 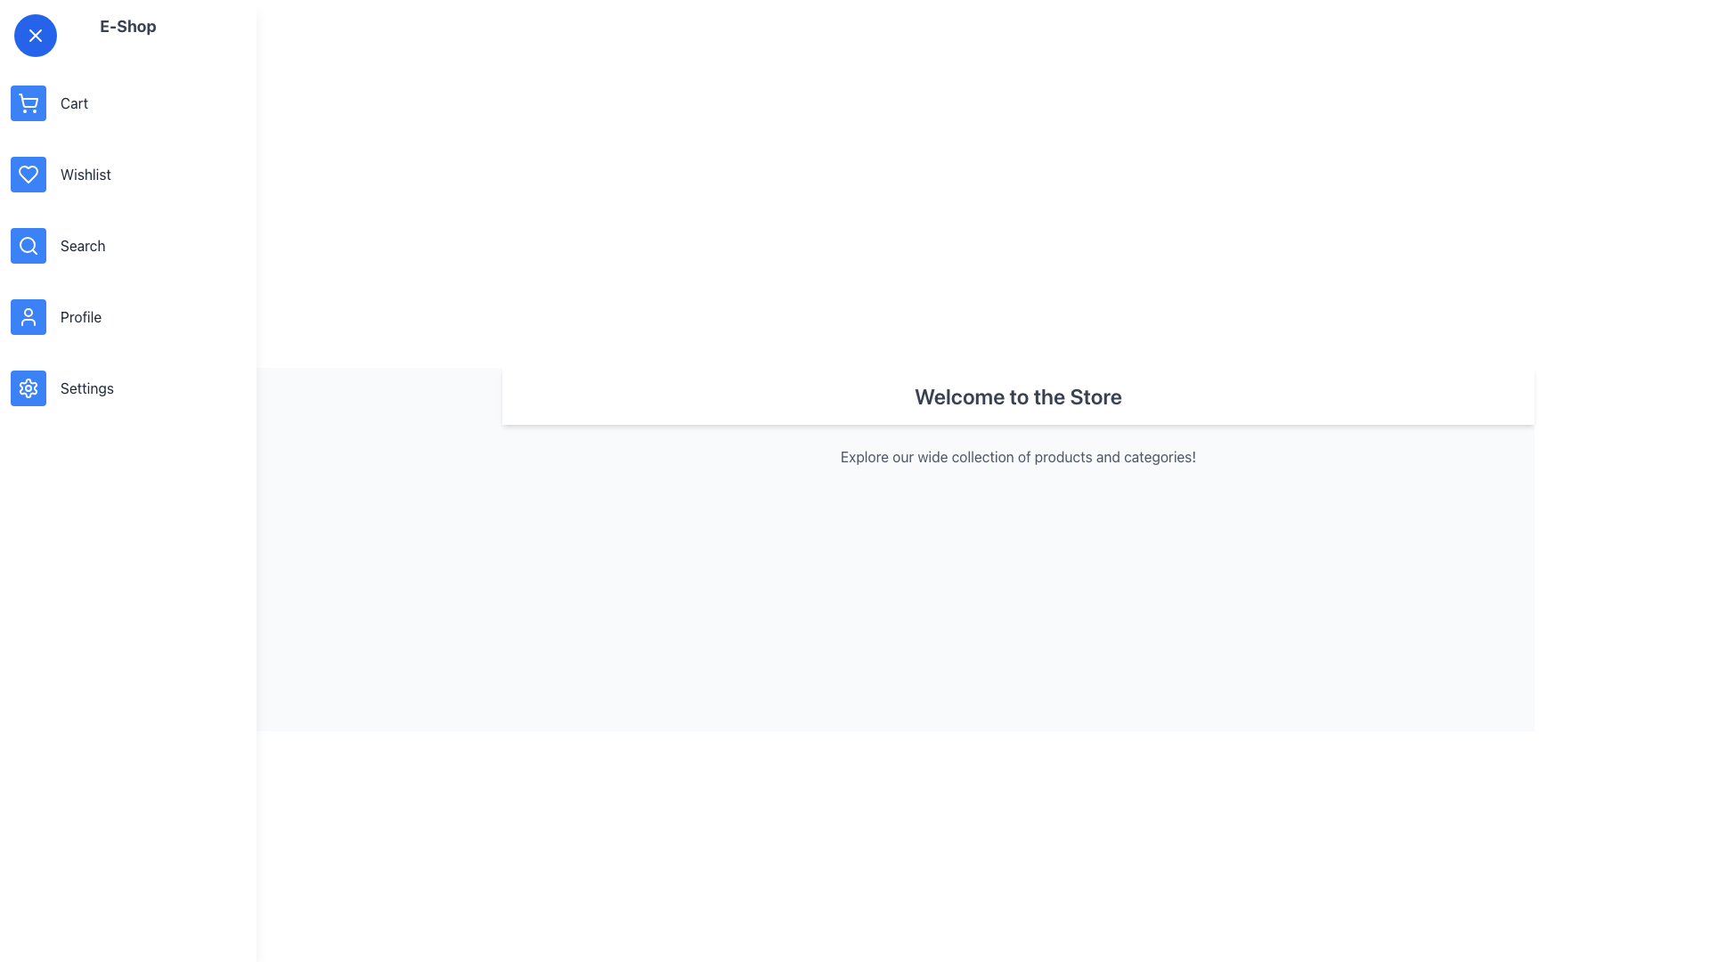 What do you see at coordinates (28, 175) in the screenshot?
I see `the blue heart icon representing the wishlist functionality located in the left-hand side navigation menu, next to the 'Wishlist' label` at bounding box center [28, 175].